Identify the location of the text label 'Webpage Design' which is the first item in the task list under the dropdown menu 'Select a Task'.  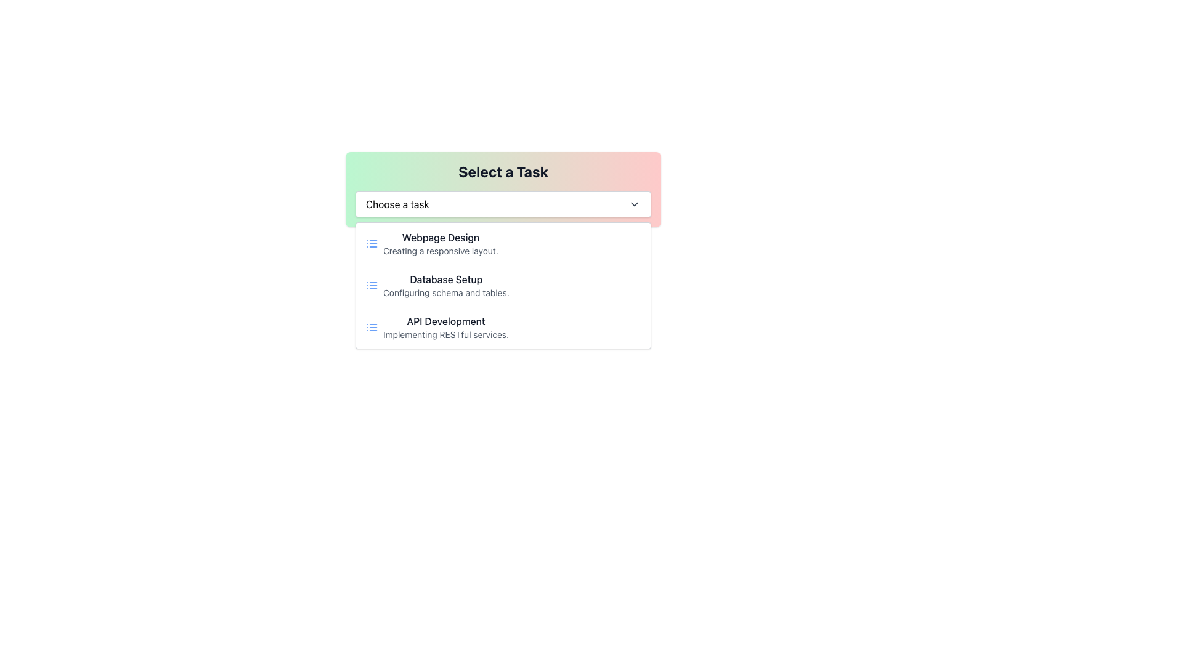
(441, 237).